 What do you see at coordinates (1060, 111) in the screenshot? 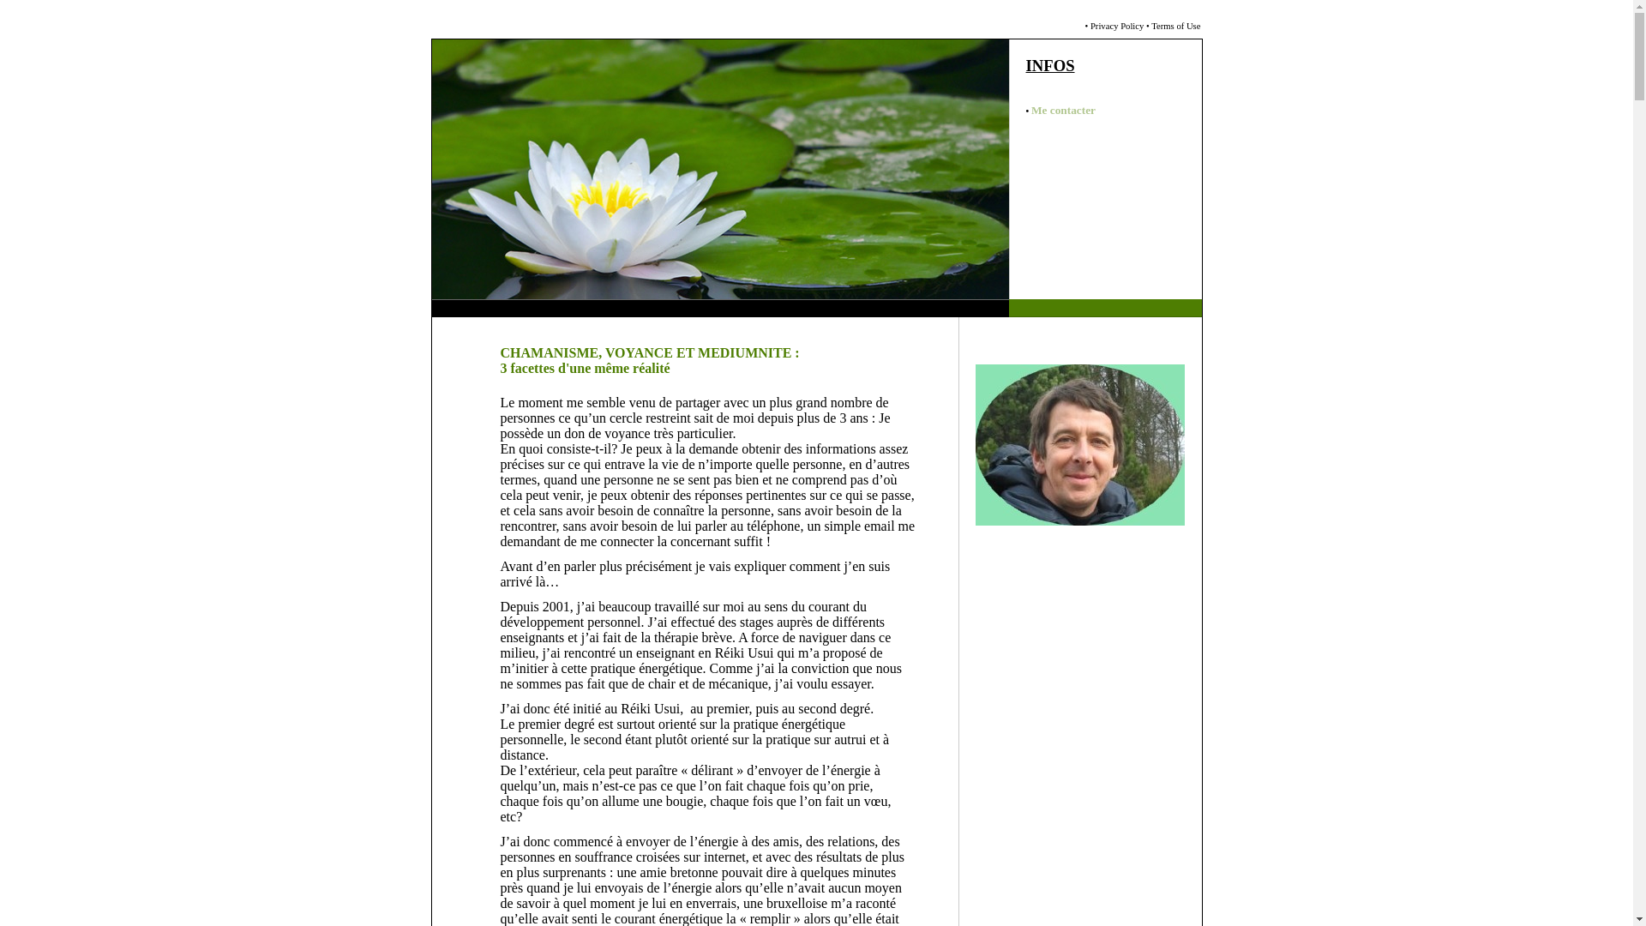
I see `' Me contacter'` at bounding box center [1060, 111].